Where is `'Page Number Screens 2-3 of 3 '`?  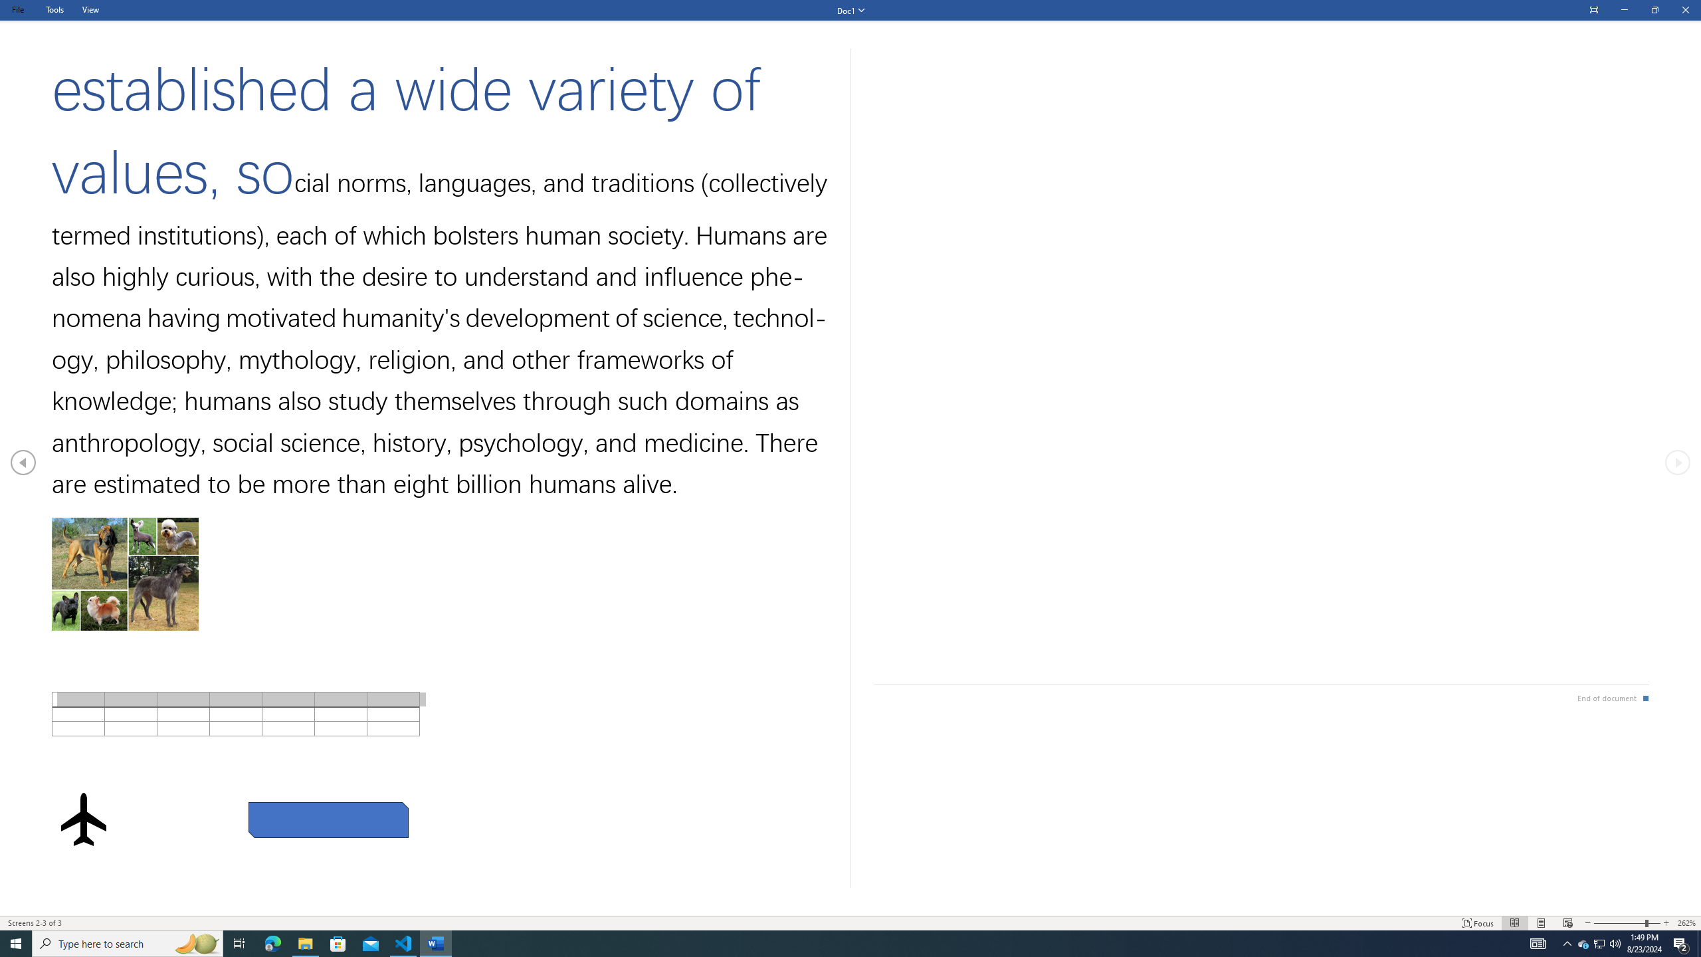 'Page Number Screens 2-3 of 3 ' is located at coordinates (35, 923).